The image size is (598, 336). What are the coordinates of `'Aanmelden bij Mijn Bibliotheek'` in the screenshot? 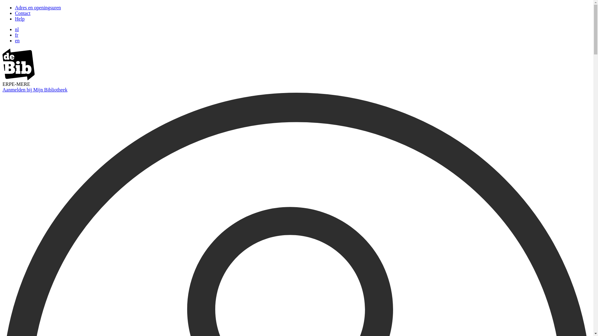 It's located at (34, 90).